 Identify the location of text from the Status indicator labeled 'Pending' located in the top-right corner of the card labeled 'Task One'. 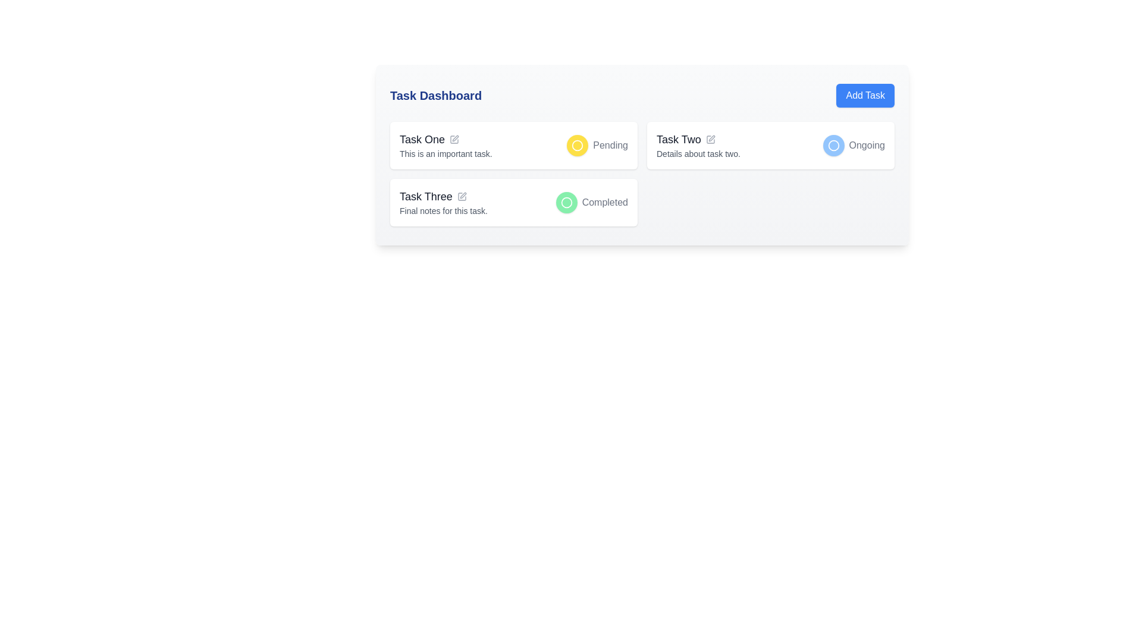
(597, 145).